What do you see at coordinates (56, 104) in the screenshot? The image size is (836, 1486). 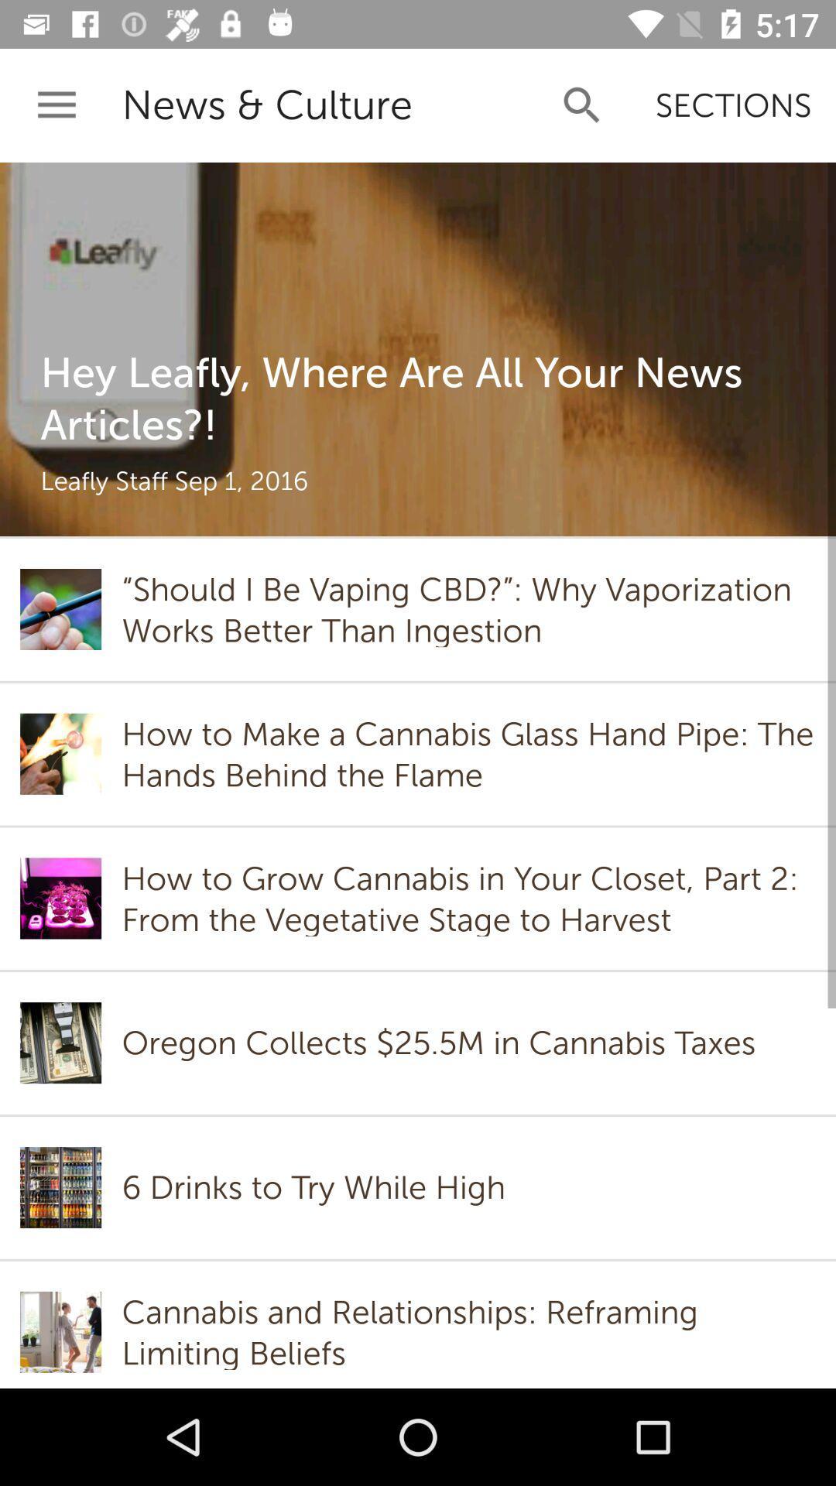 I see `the item to the left of the news & culture` at bounding box center [56, 104].